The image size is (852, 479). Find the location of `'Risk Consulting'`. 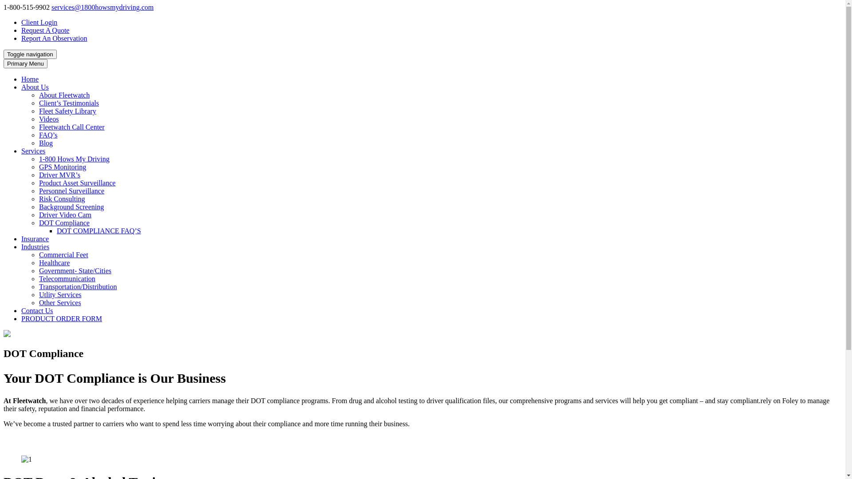

'Risk Consulting' is located at coordinates (61, 198).